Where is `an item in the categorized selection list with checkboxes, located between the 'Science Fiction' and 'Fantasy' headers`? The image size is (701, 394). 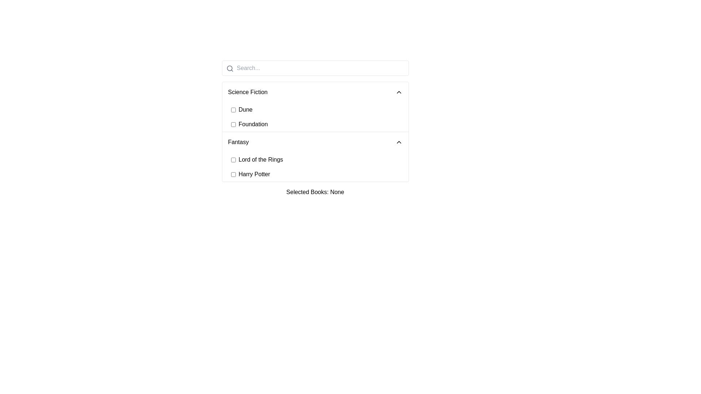 an item in the categorized selection list with checkboxes, located between the 'Science Fiction' and 'Fantasy' headers is located at coordinates (315, 128).